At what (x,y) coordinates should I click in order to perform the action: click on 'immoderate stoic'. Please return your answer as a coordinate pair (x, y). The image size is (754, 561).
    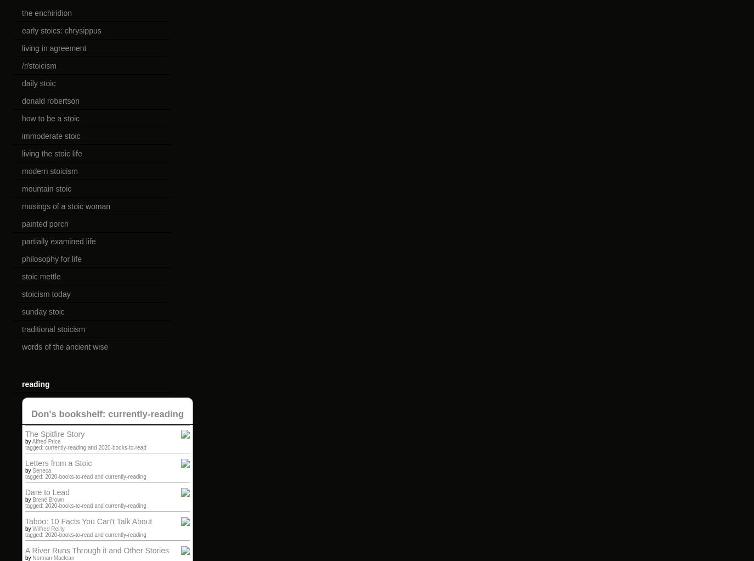
    Looking at the image, I should click on (50, 135).